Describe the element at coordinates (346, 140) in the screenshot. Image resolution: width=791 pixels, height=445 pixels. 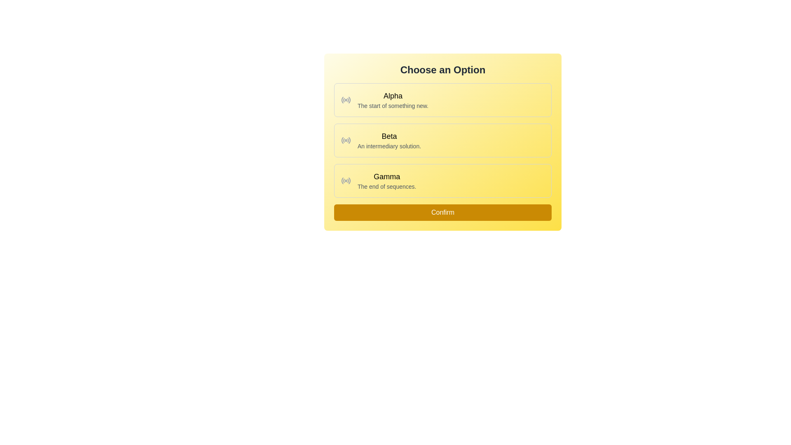
I see `the radio button labeled 'Beta' in the second list option of the select menu` at that location.